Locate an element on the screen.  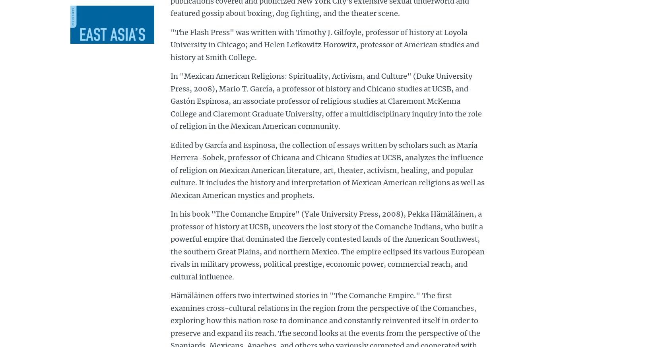
'Celebrating diverse voices, identities and perspectives with dance' is located at coordinates (229, 252).